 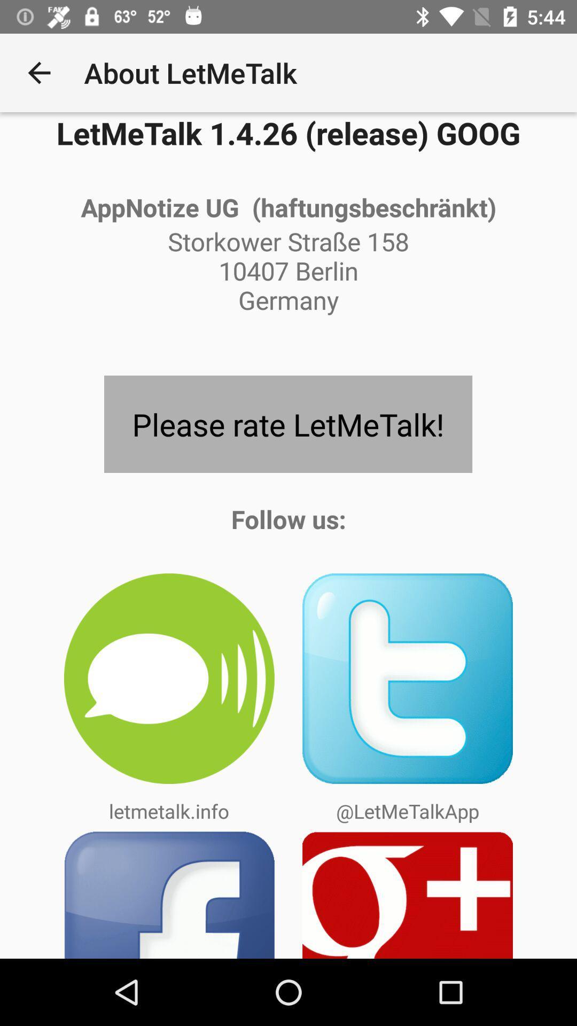 I want to click on message, so click(x=168, y=678).